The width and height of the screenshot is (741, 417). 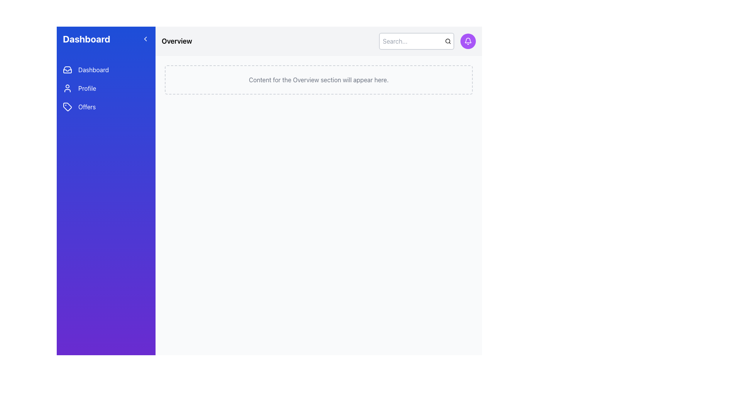 I want to click on the 'Offers' button in the left sidebar navigation menu, so click(x=105, y=107).